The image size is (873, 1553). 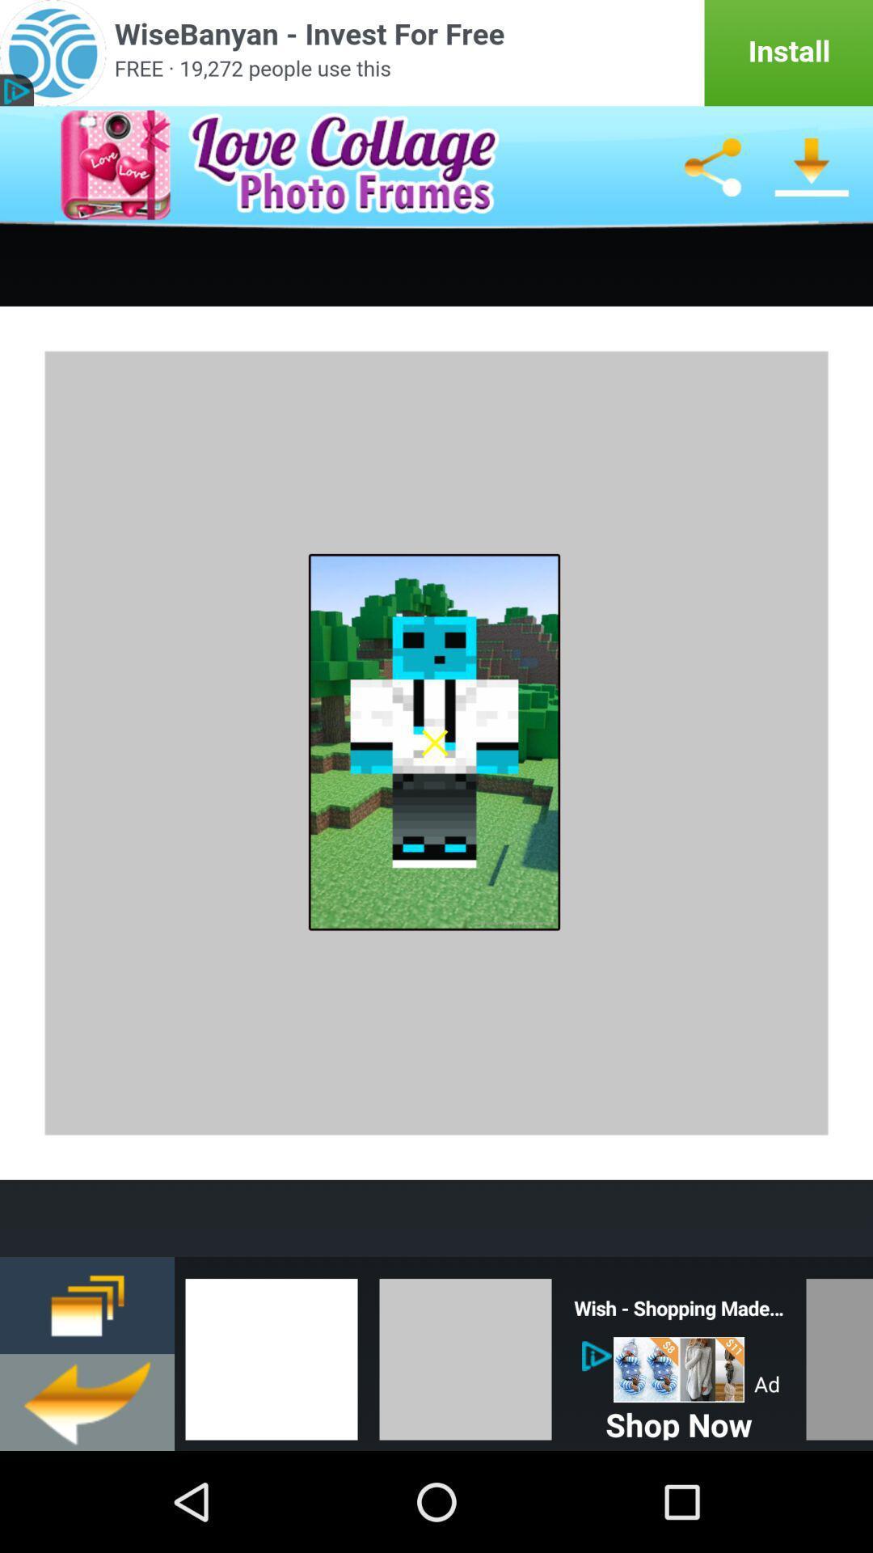 I want to click on the item above shop now item, so click(x=679, y=1369).